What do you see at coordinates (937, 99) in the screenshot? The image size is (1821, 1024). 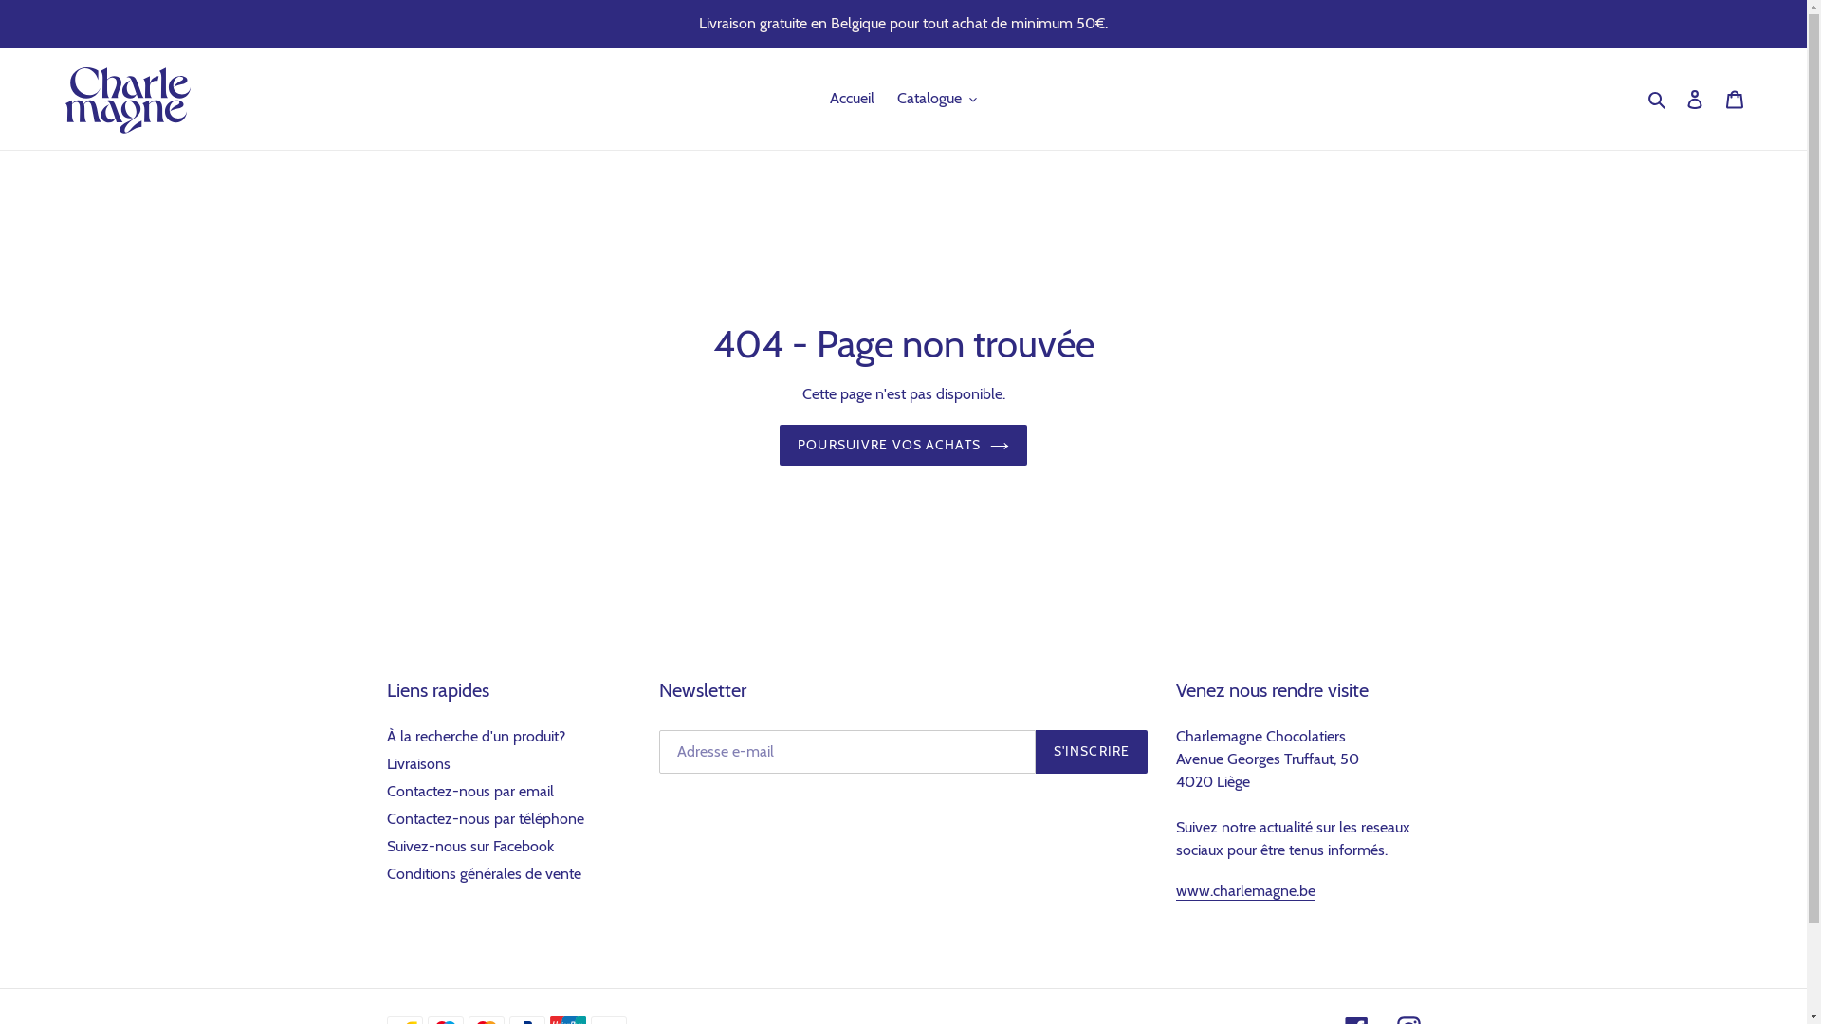 I see `'Catalogue'` at bounding box center [937, 99].